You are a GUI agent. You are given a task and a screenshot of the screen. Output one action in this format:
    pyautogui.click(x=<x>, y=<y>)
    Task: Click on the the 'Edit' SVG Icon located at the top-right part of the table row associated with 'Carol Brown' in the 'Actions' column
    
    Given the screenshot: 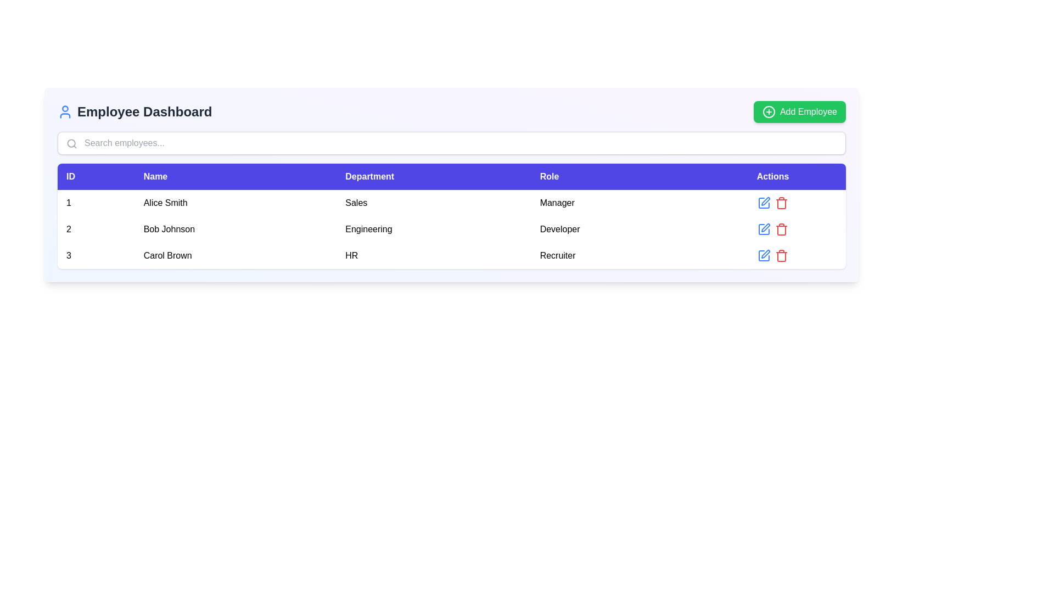 What is the action you would take?
    pyautogui.click(x=765, y=254)
    